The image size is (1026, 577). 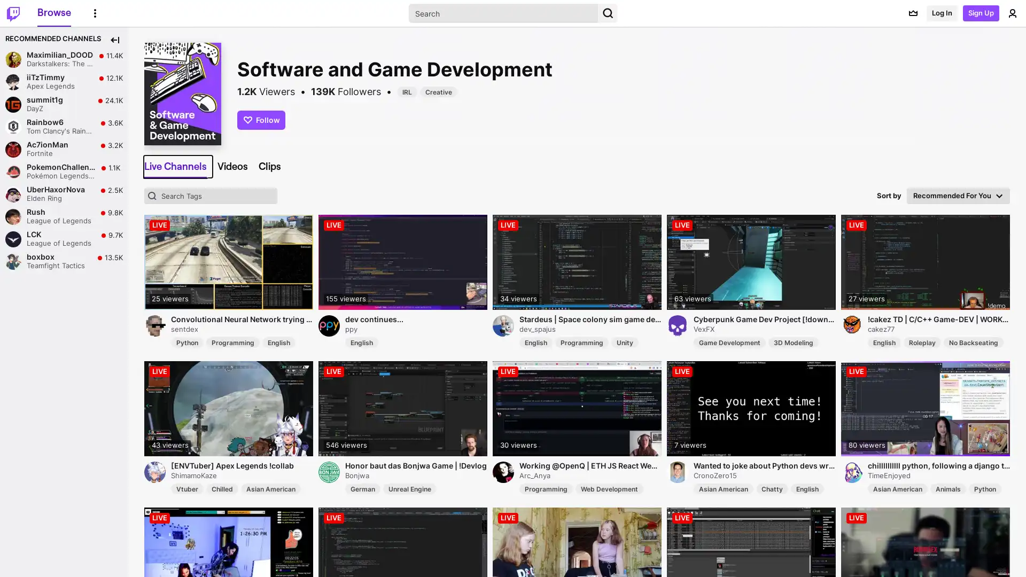 I want to click on Chatty, so click(x=772, y=488).